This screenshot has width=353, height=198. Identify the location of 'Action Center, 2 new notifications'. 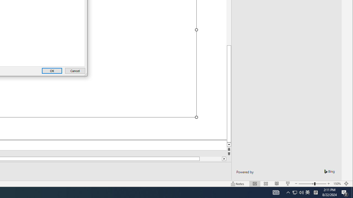
(345, 192).